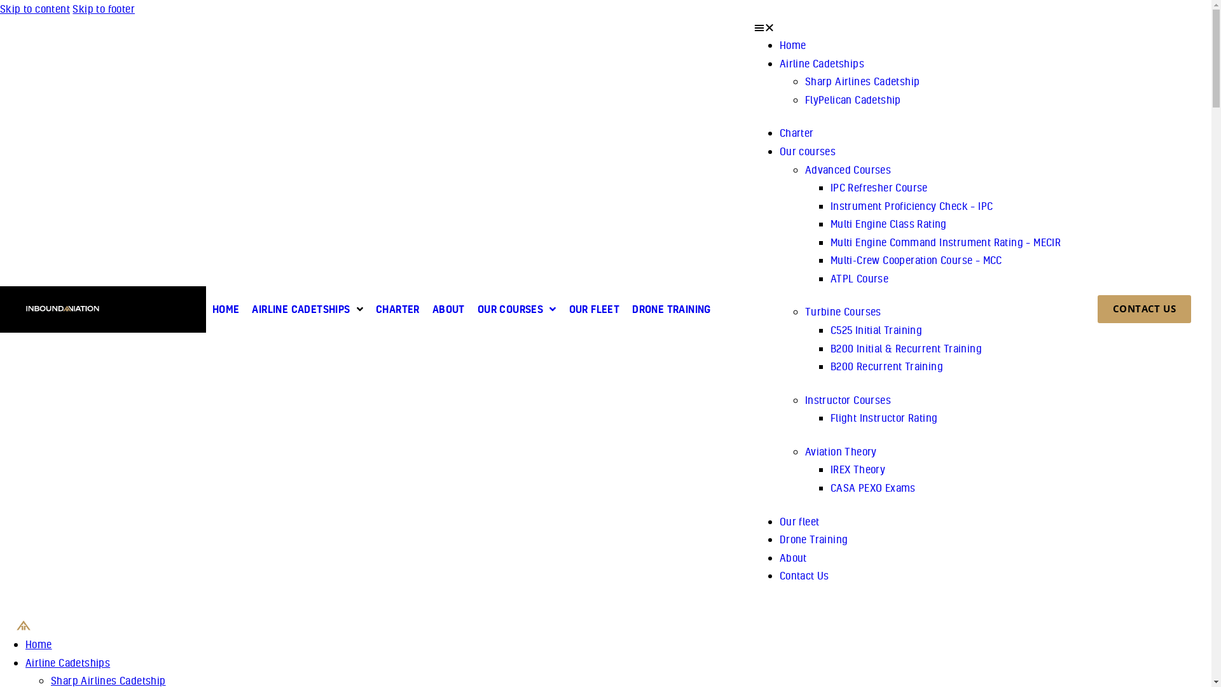 This screenshot has width=1221, height=687. I want to click on 'Contact Us', so click(804, 575).